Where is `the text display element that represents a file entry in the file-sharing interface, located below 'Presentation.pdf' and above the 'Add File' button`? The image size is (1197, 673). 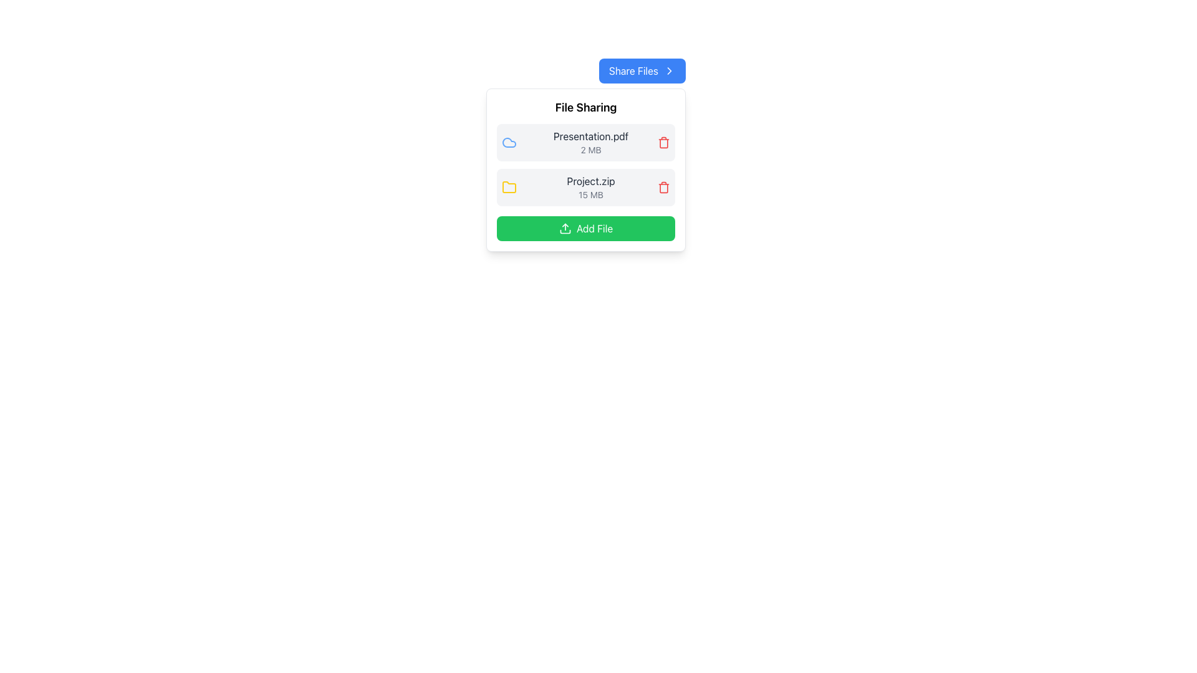
the text display element that represents a file entry in the file-sharing interface, located below 'Presentation.pdf' and above the 'Add File' button is located at coordinates (590, 187).